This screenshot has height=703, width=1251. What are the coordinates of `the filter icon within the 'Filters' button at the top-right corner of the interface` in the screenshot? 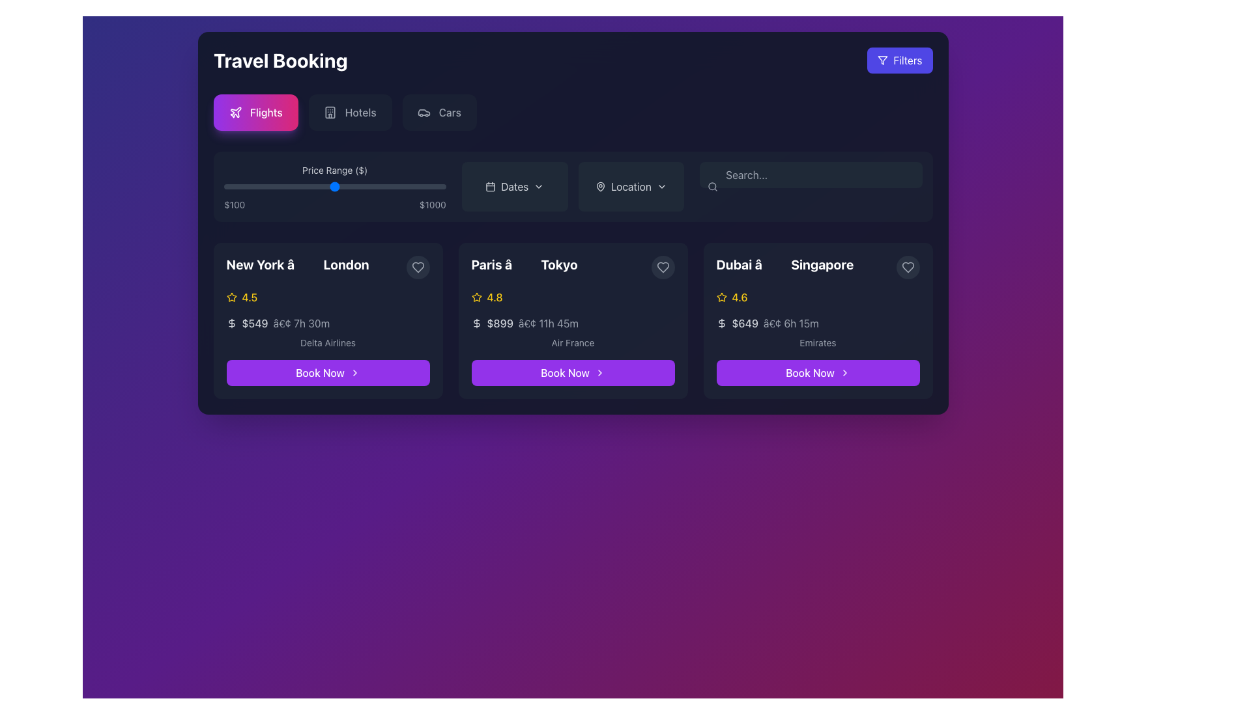 It's located at (883, 60).